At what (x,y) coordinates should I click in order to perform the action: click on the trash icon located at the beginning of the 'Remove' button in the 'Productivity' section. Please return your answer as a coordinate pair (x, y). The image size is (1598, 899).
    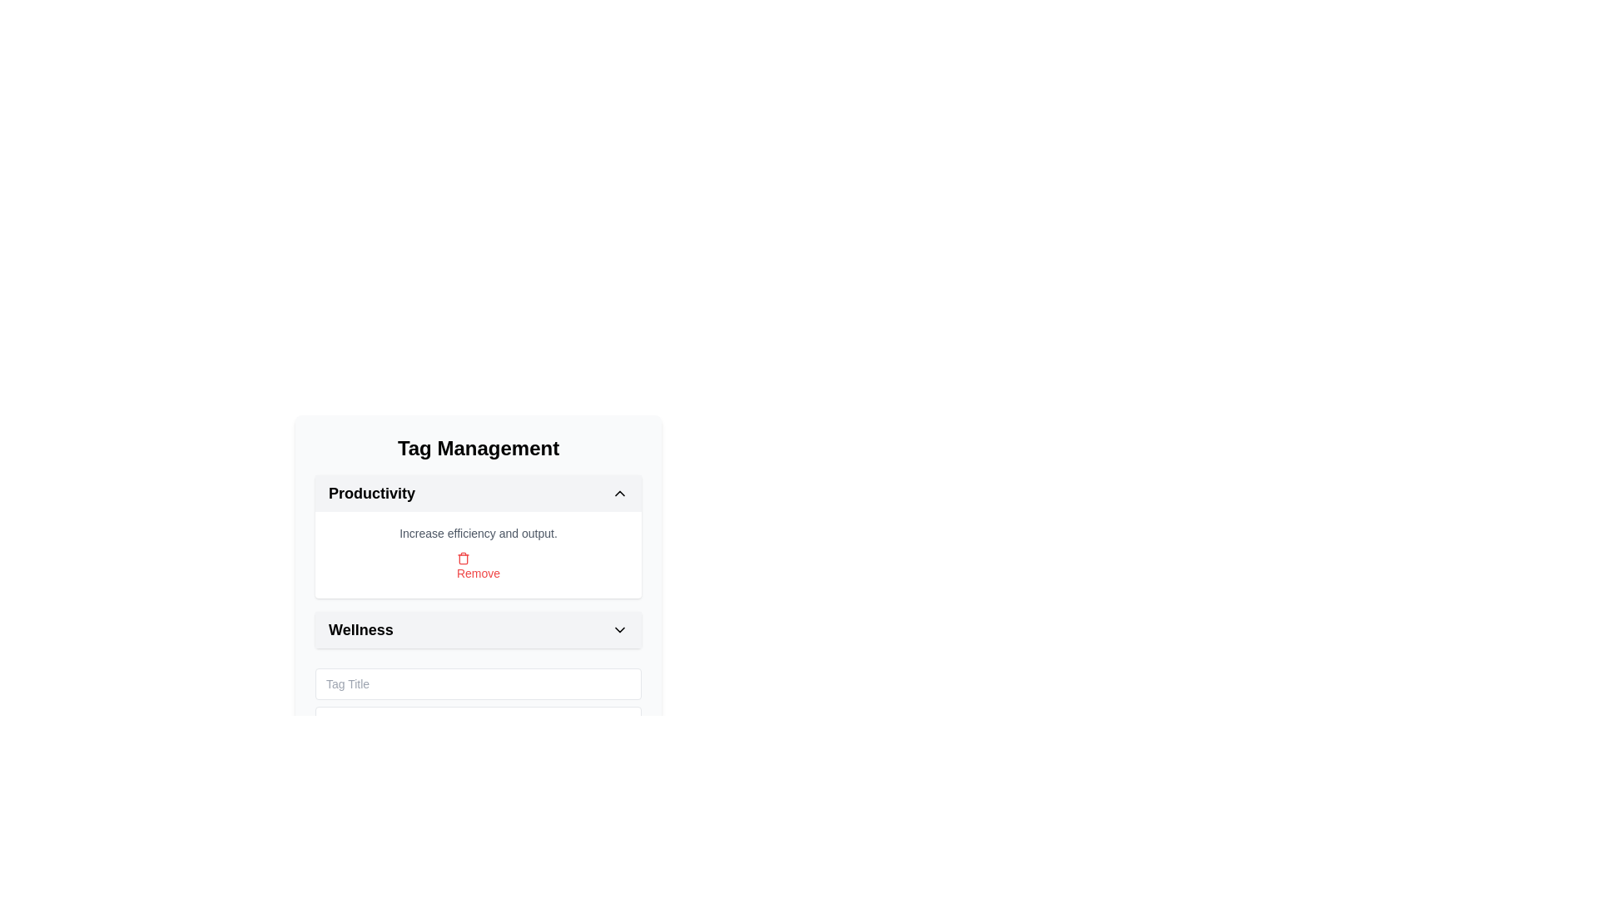
    Looking at the image, I should click on (463, 559).